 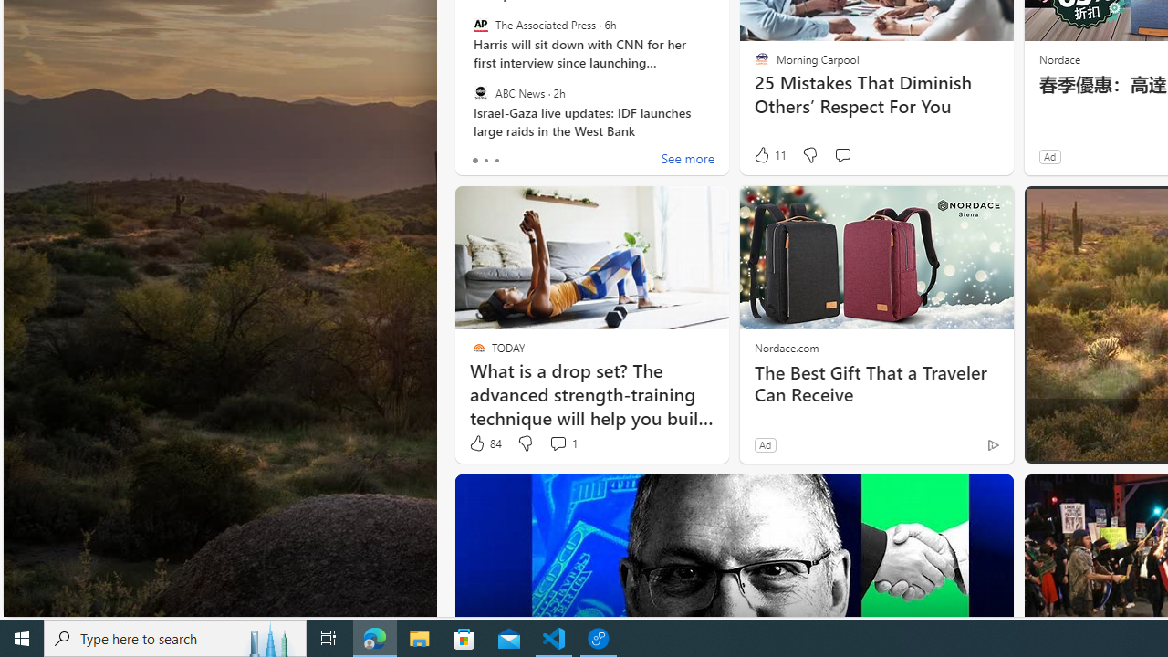 What do you see at coordinates (485, 160) in the screenshot?
I see `'tab-1'` at bounding box center [485, 160].